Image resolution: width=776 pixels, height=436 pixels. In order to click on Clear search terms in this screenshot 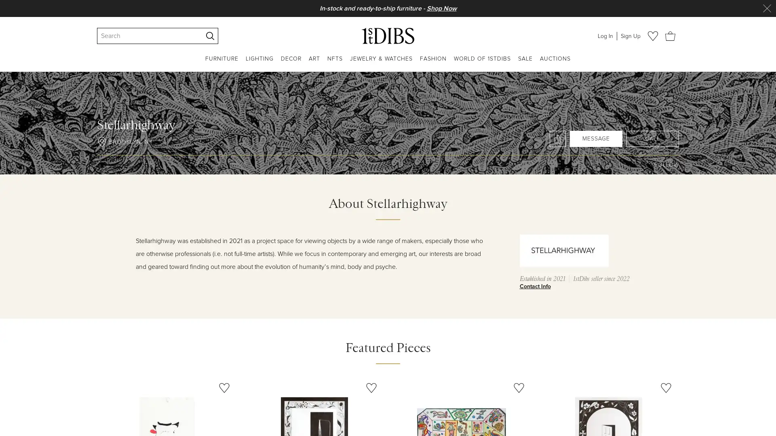, I will do `click(196, 35)`.